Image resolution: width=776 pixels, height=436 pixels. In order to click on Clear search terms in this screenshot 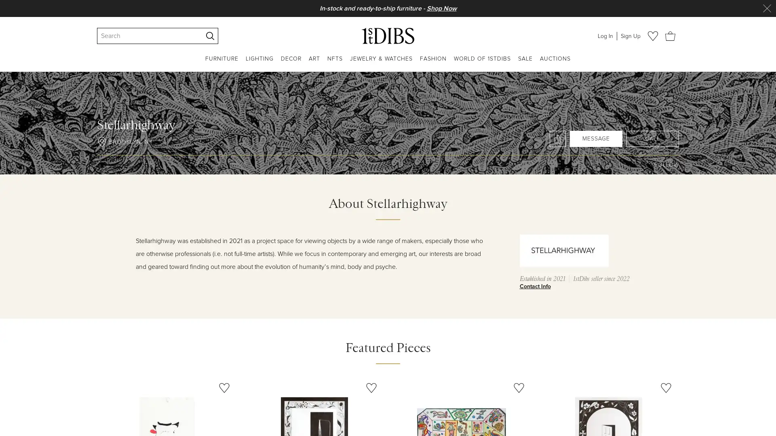, I will do `click(196, 35)`.